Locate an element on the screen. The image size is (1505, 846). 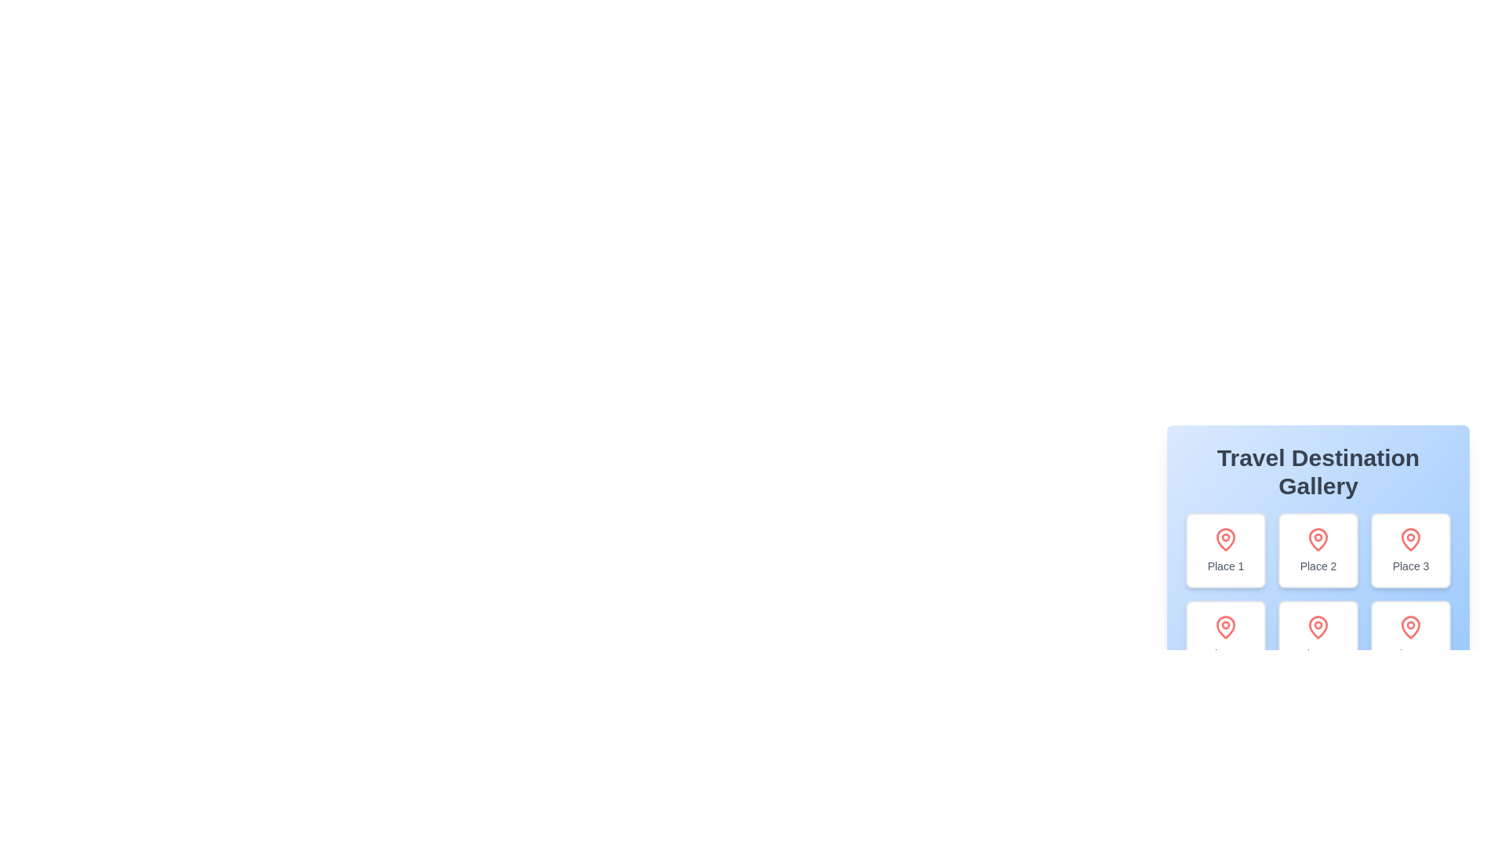
the decorative marker icon located at the top-center of the second card labeled 'Place 2' is located at coordinates (1317, 539).